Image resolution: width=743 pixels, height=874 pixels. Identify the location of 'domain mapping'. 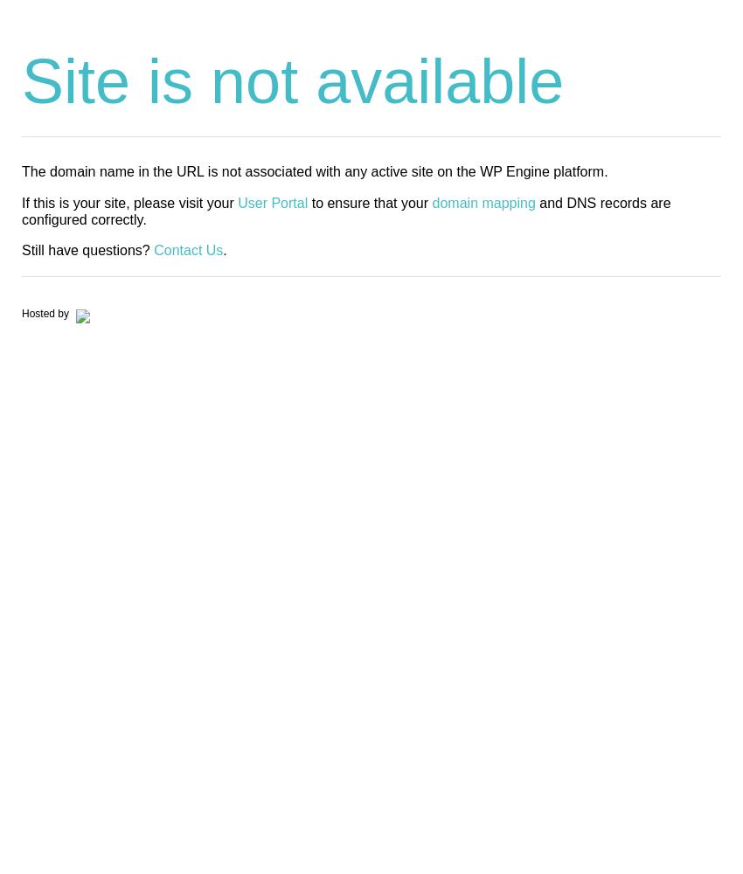
(483, 201).